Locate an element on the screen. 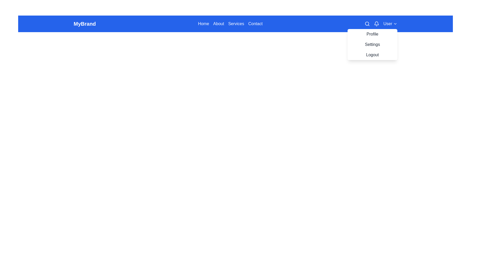 The height and width of the screenshot is (280, 498). the 'Logout' link in the dropdown menu under the 'User' menu located at the top-right corner of the page to log out is located at coordinates (372, 55).